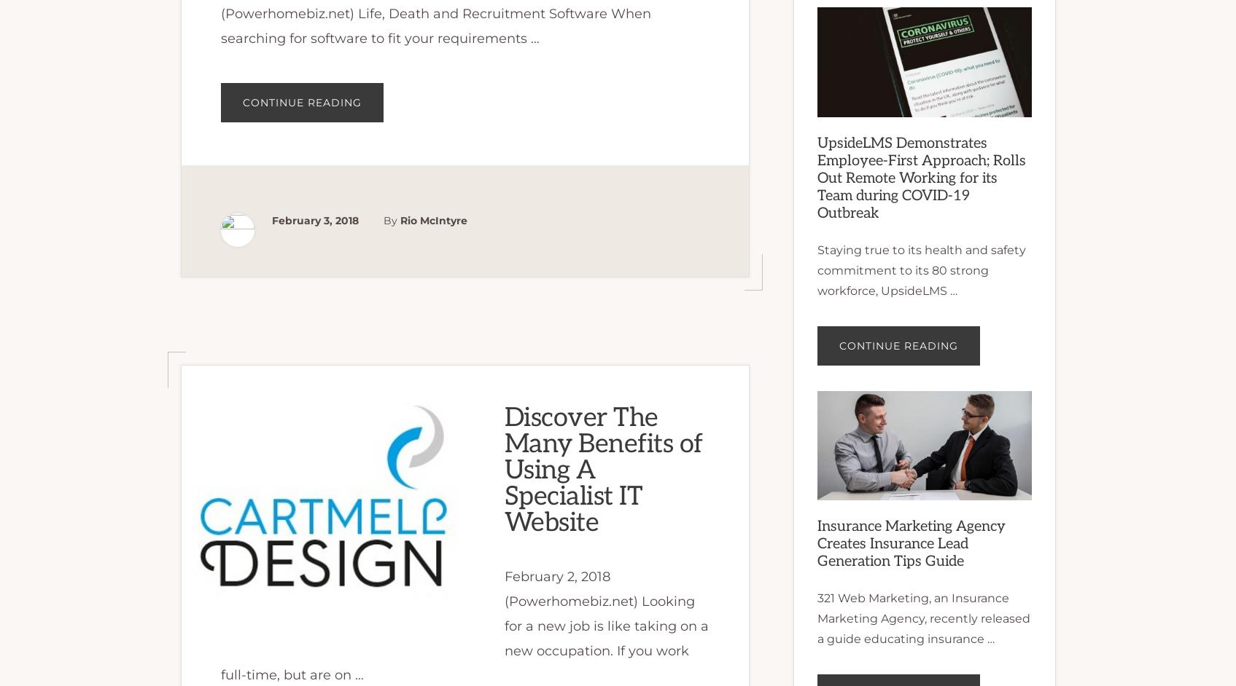 This screenshot has height=686, width=1236. What do you see at coordinates (432, 220) in the screenshot?
I see `'Rio McIntyre'` at bounding box center [432, 220].